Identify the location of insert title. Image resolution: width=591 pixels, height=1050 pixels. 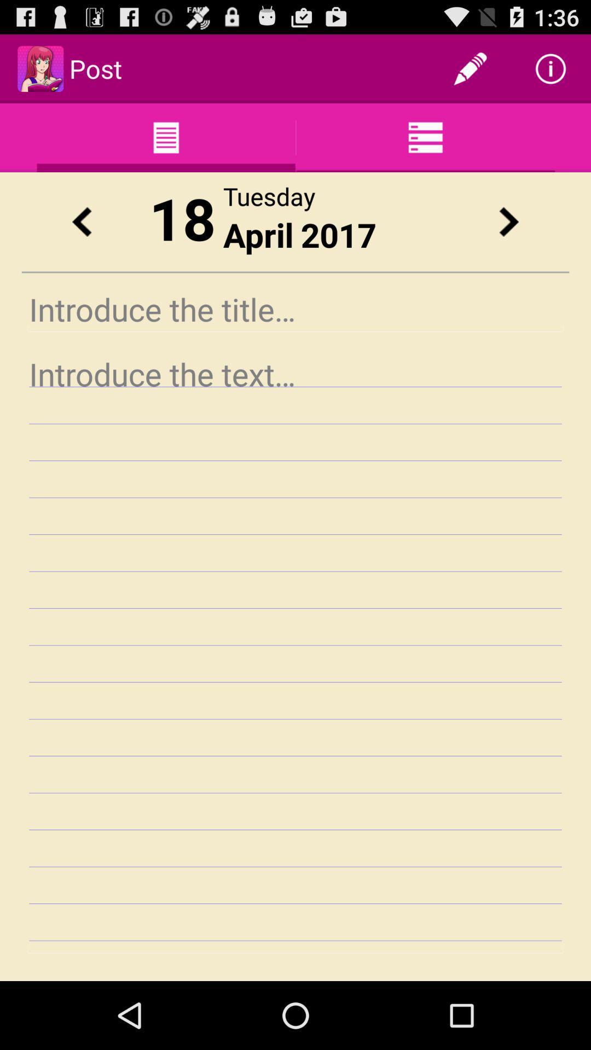
(296, 308).